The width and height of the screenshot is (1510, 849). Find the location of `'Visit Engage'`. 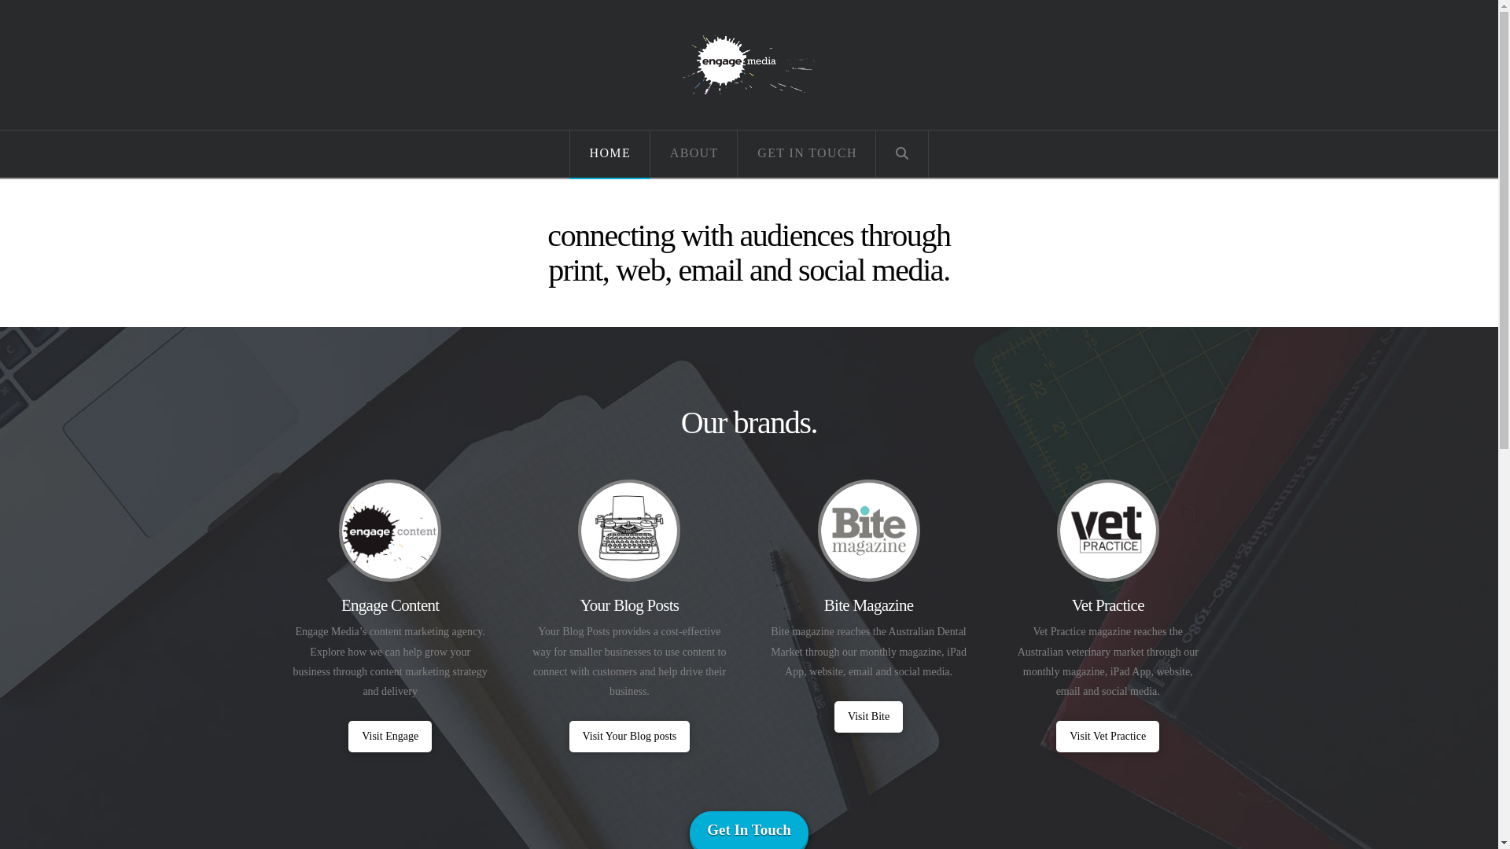

'Visit Engage' is located at coordinates (389, 737).